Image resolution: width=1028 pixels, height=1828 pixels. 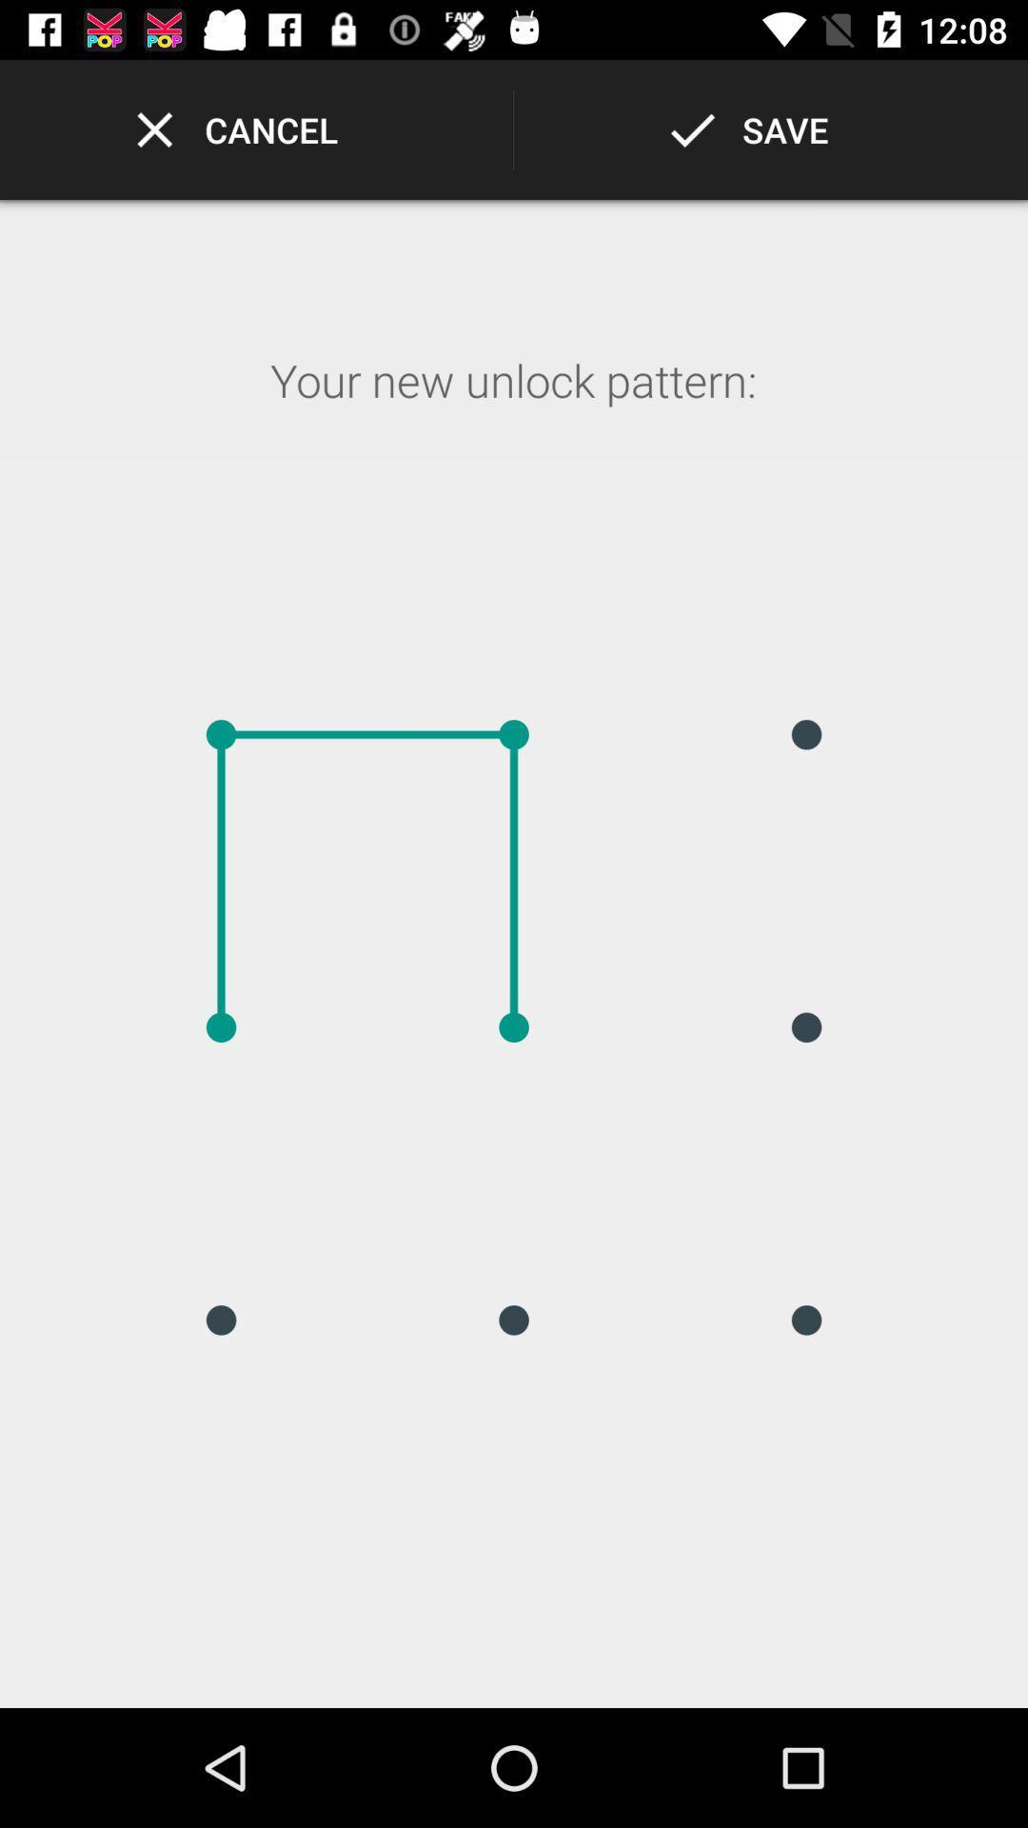 I want to click on icon below the cancel icon, so click(x=512, y=405).